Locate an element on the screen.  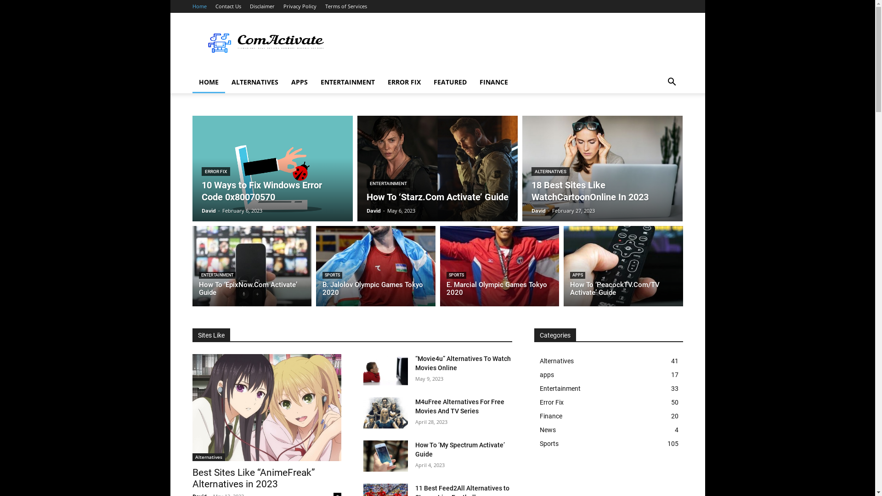
'18 Best Sites Like WatchCartoonOnline In 2023' is located at coordinates (602, 168).